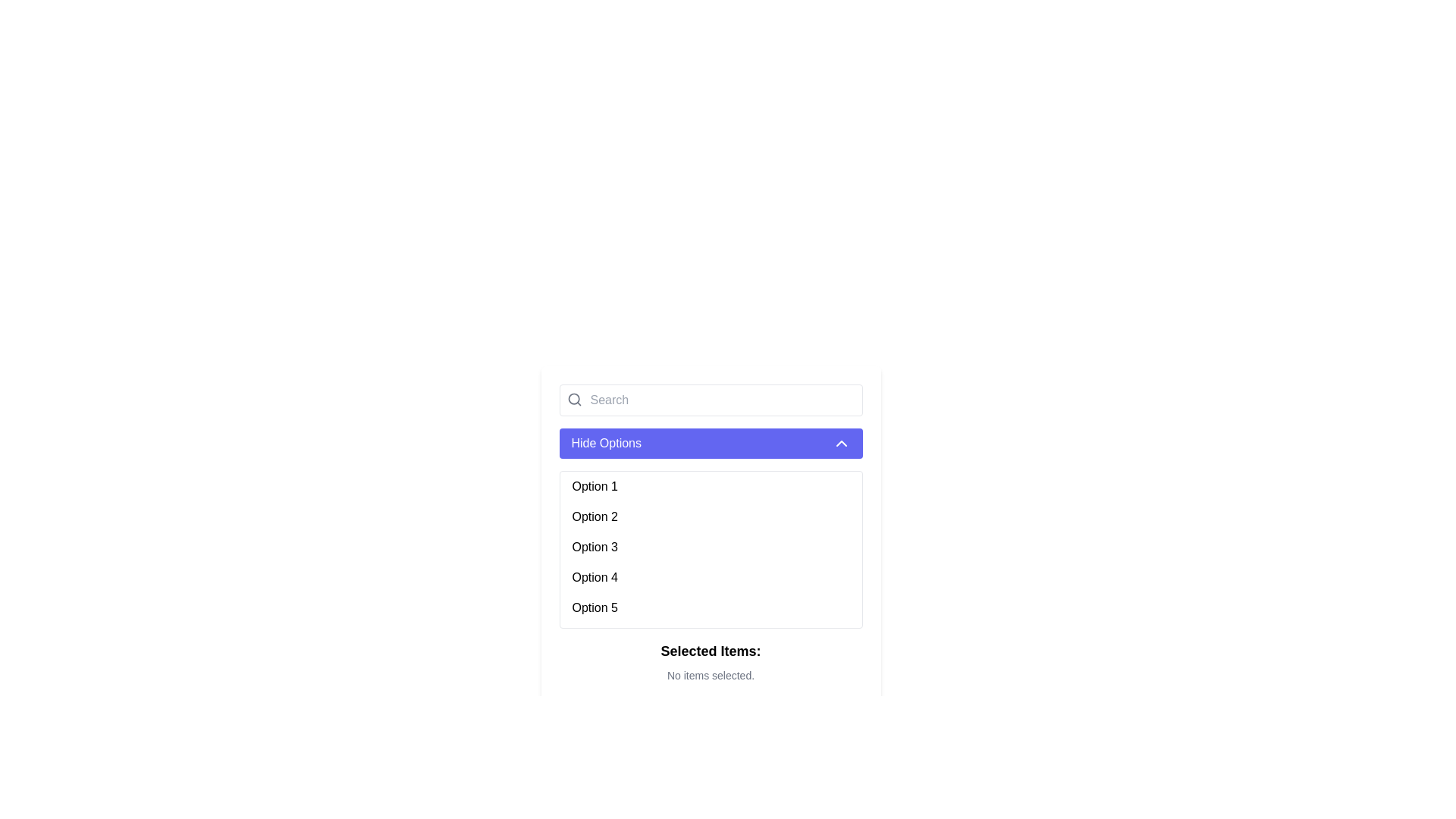  I want to click on the textual menu item labeled 'Option 4' in the dropdown menu, so click(710, 578).